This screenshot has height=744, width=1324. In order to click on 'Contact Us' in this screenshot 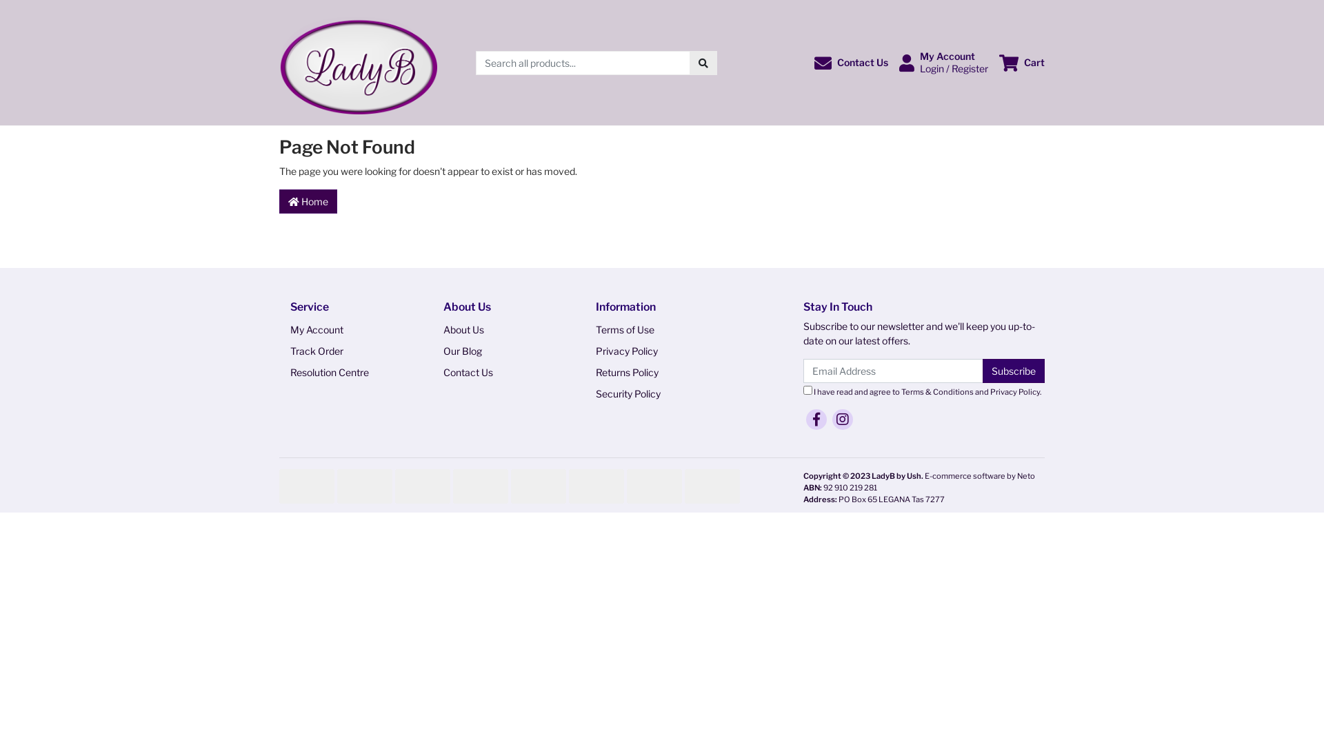, I will do `click(498, 372)`.